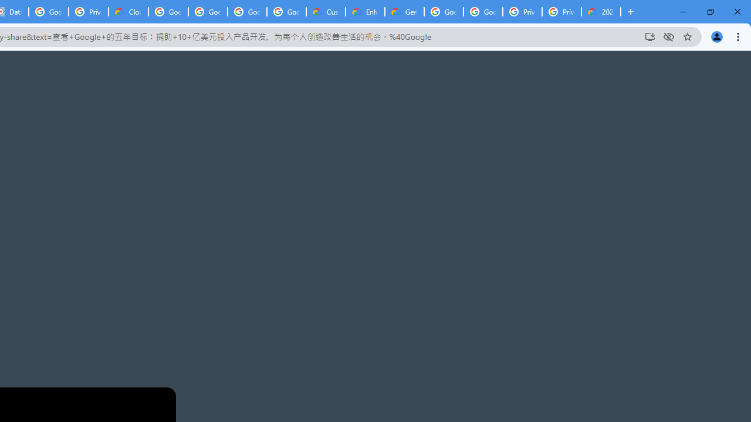 The height and width of the screenshot is (422, 751). I want to click on 'Google Workspace - Specific Terms', so click(246, 12).